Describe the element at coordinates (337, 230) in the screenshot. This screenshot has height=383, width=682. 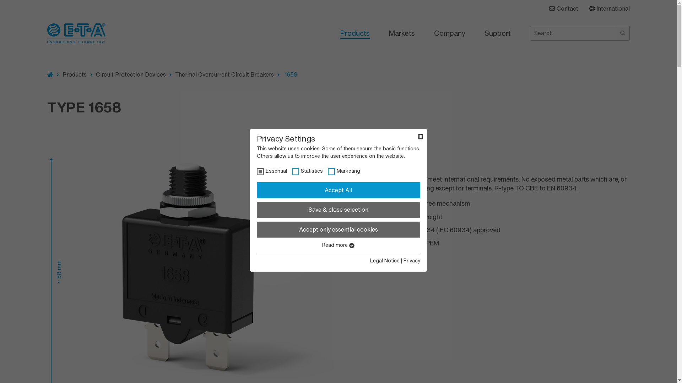
I see `'Accept only essential cookies'` at that location.